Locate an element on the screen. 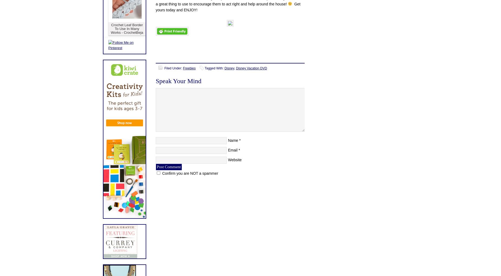  'Get yours today and ENJOY!' is located at coordinates (228, 6).